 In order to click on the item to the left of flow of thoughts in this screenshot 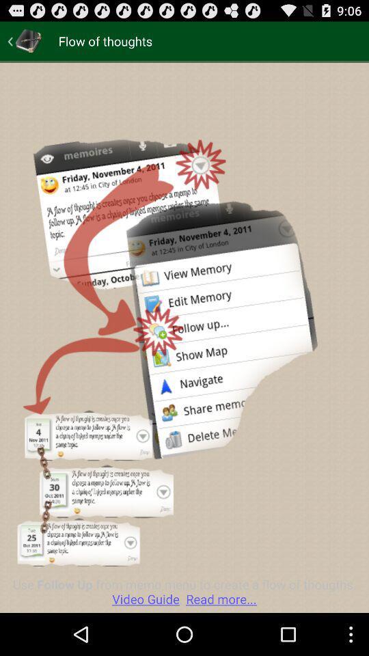, I will do `click(25, 40)`.